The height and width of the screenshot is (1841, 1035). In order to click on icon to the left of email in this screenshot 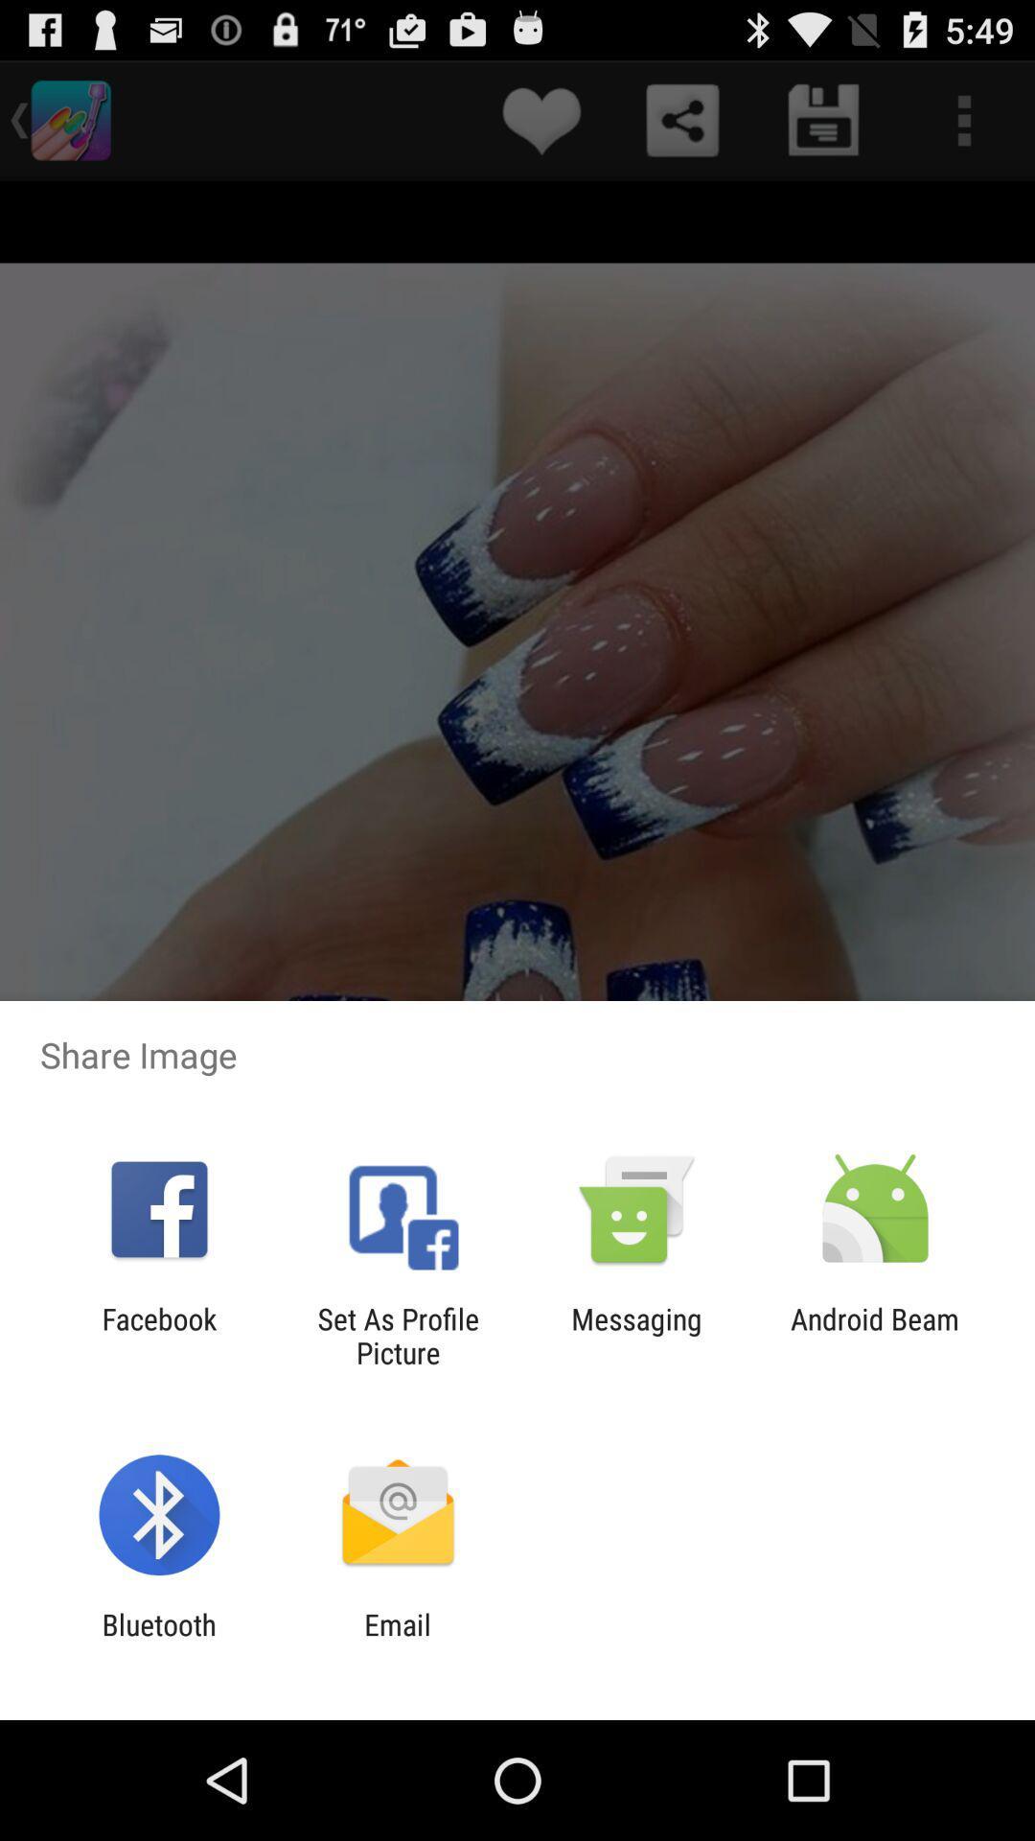, I will do `click(158, 1641)`.